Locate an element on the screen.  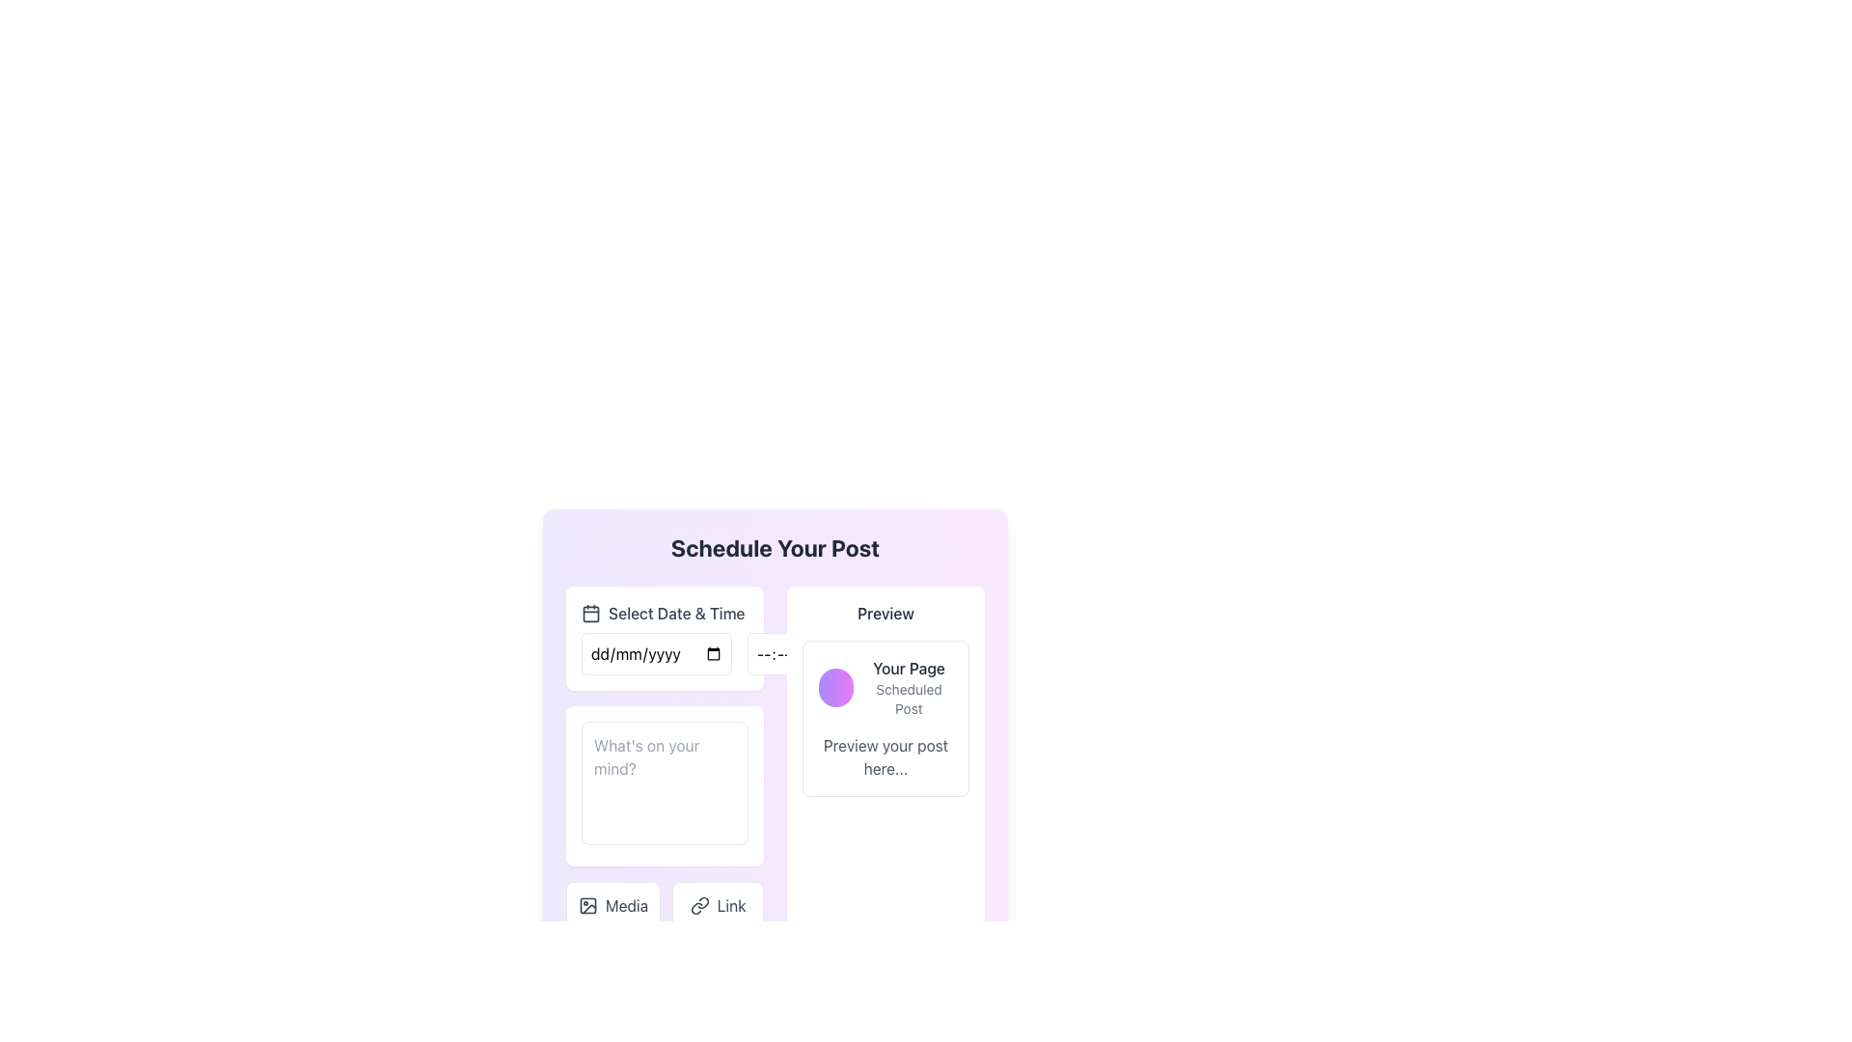
the text label displaying 'Your Page' and the status 'Scheduled Post' located in the preview section on the right side of the interface is located at coordinates (908, 687).